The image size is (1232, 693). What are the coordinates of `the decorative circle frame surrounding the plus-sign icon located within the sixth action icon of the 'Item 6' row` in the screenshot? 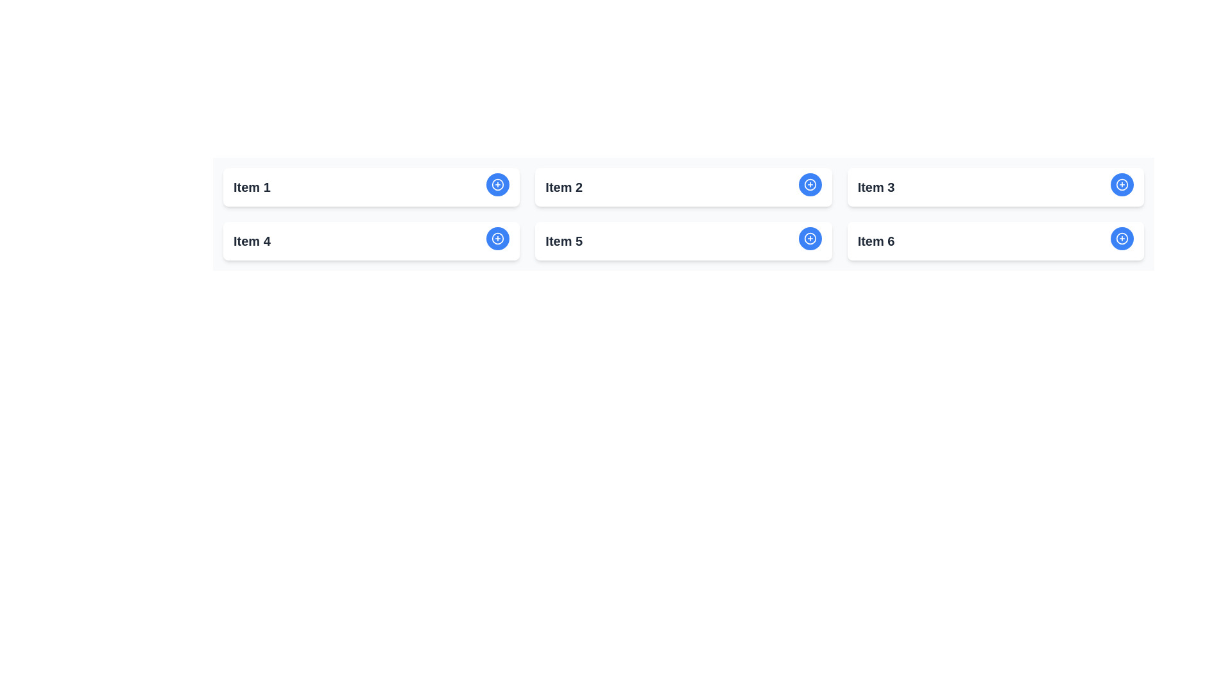 It's located at (1121, 238).